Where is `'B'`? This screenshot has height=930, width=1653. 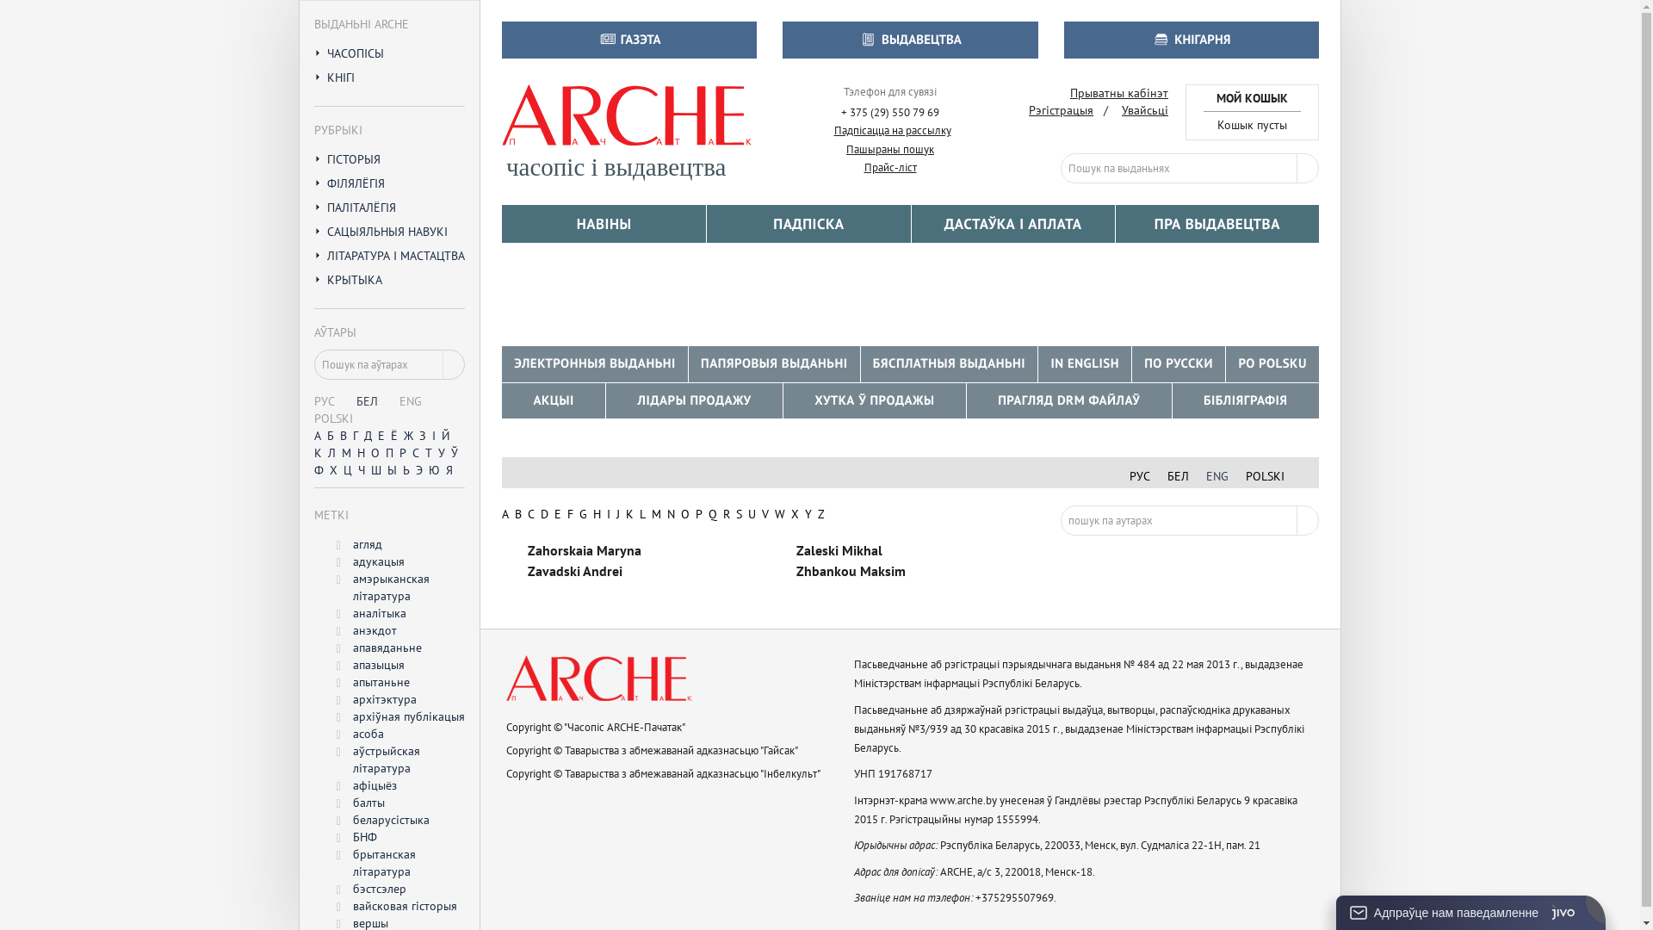 'B' is located at coordinates (517, 513).